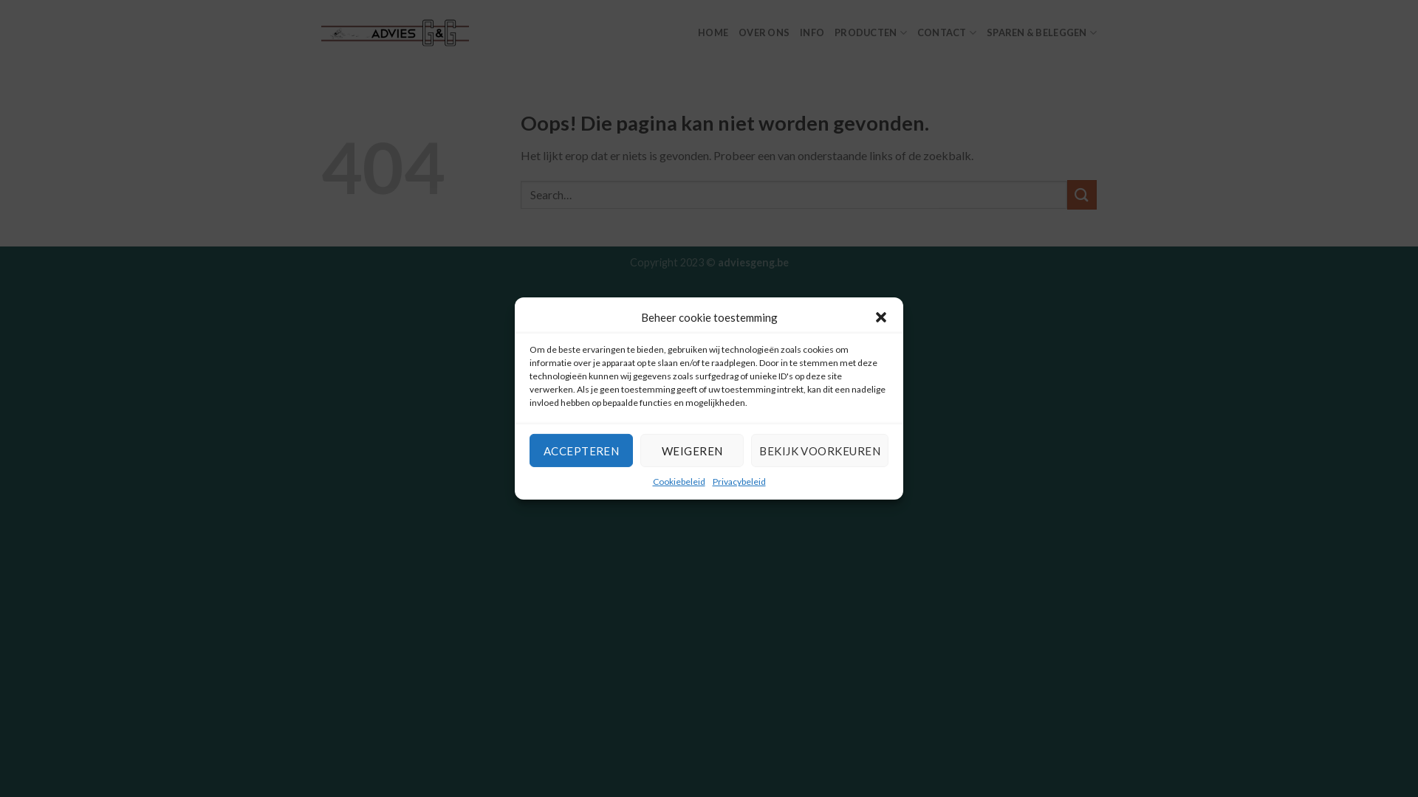 Image resolution: width=1418 pixels, height=797 pixels. I want to click on 'Cookiebeleid', so click(651, 481).